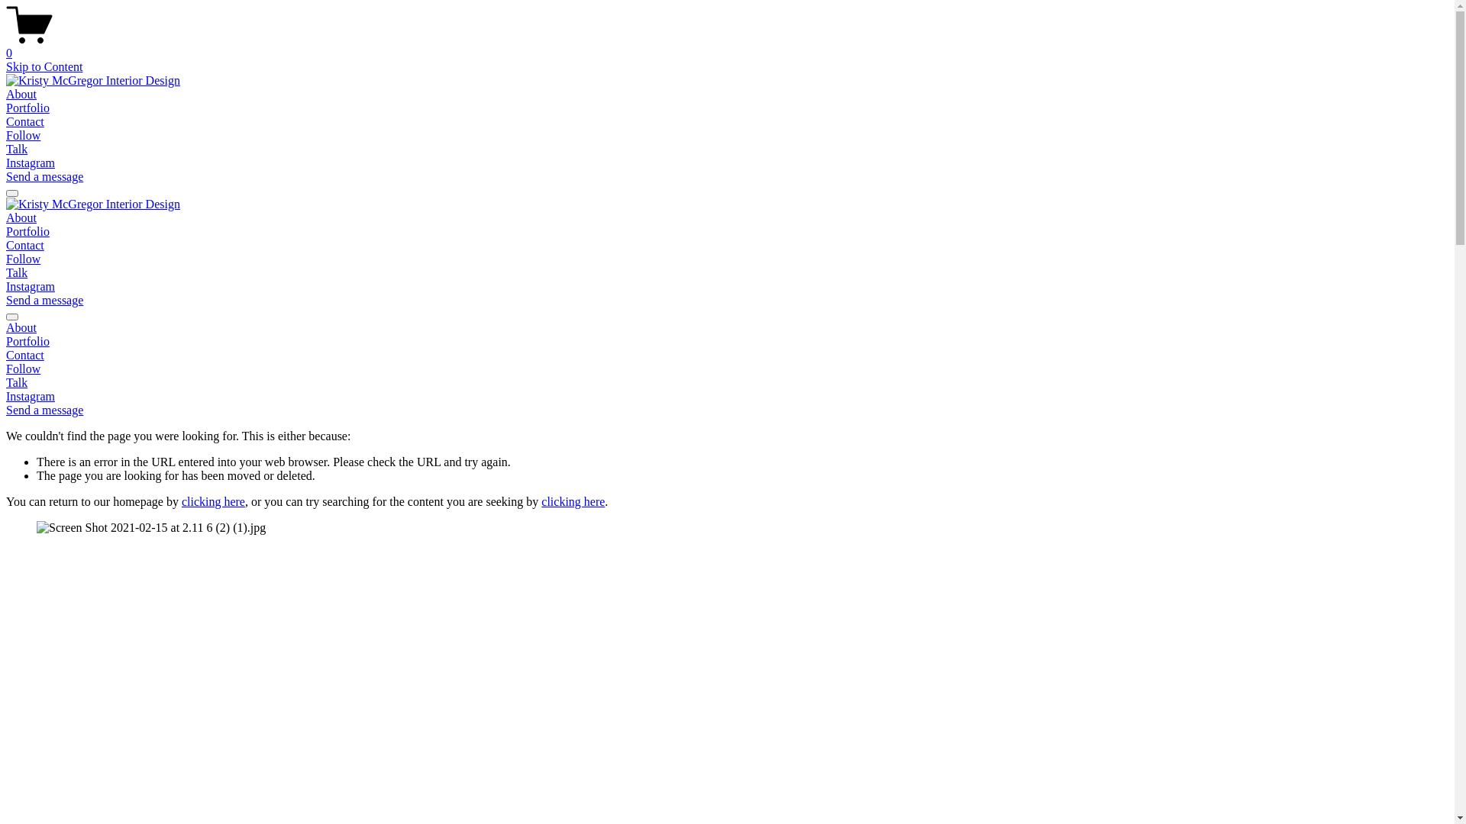 This screenshot has width=1466, height=824. I want to click on 'Contact', so click(726, 356).